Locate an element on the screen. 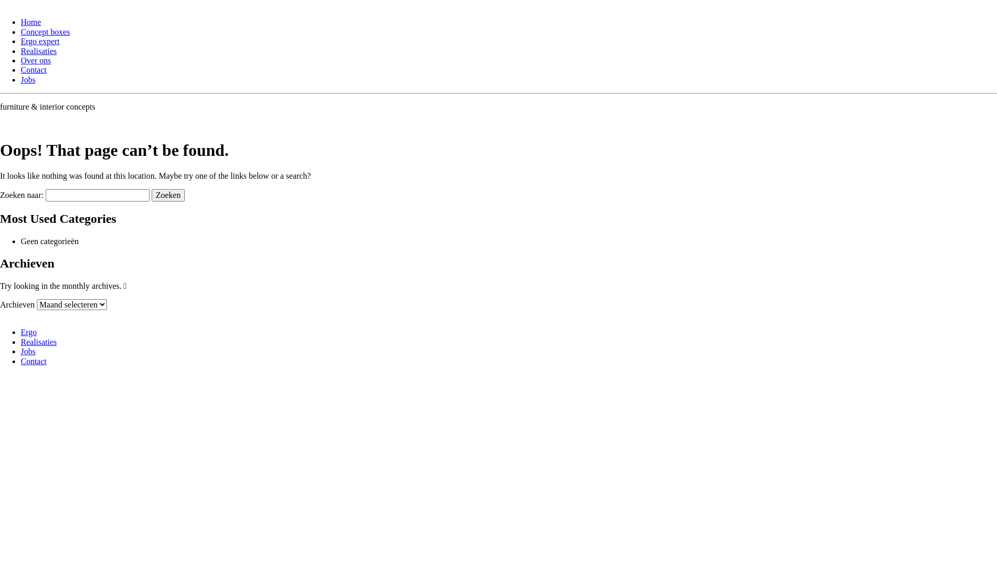 The height and width of the screenshot is (561, 997). 'Contact' is located at coordinates (34, 360).